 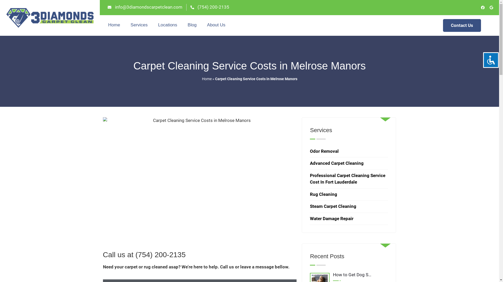 What do you see at coordinates (168, 25) in the screenshot?
I see `'Locations'` at bounding box center [168, 25].